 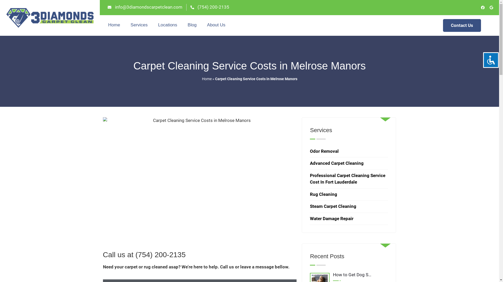 What do you see at coordinates (168, 25) in the screenshot?
I see `'Locations'` at bounding box center [168, 25].